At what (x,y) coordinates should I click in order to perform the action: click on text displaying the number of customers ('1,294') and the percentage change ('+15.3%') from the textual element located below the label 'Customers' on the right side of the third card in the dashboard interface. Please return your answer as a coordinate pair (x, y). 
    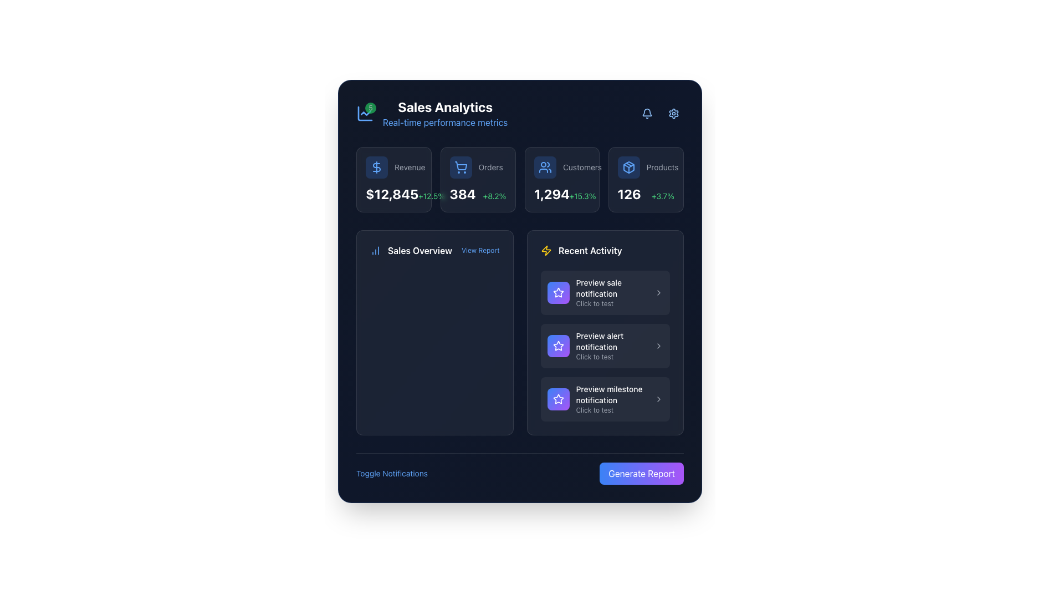
    Looking at the image, I should click on (562, 194).